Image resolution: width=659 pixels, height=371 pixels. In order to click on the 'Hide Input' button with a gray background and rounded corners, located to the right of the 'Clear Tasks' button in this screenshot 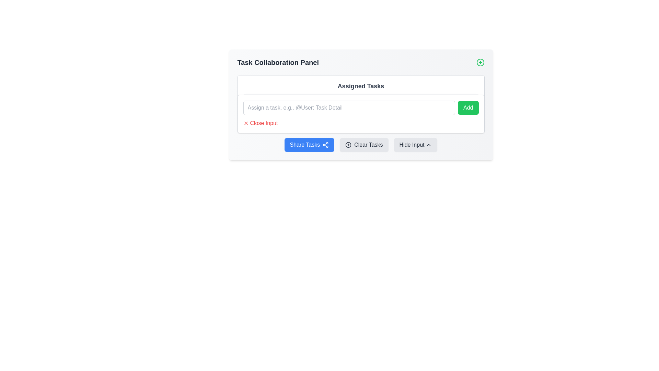, I will do `click(415, 144)`.